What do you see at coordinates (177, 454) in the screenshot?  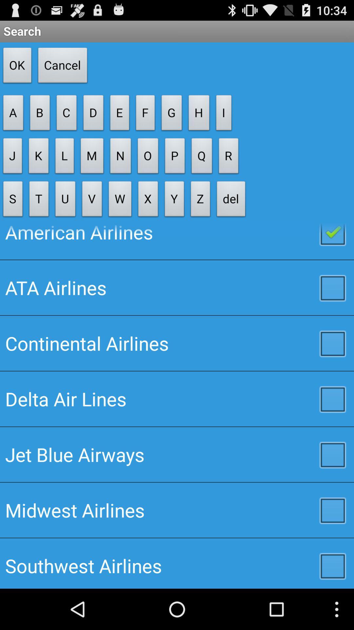 I see `jet blue airways item` at bounding box center [177, 454].